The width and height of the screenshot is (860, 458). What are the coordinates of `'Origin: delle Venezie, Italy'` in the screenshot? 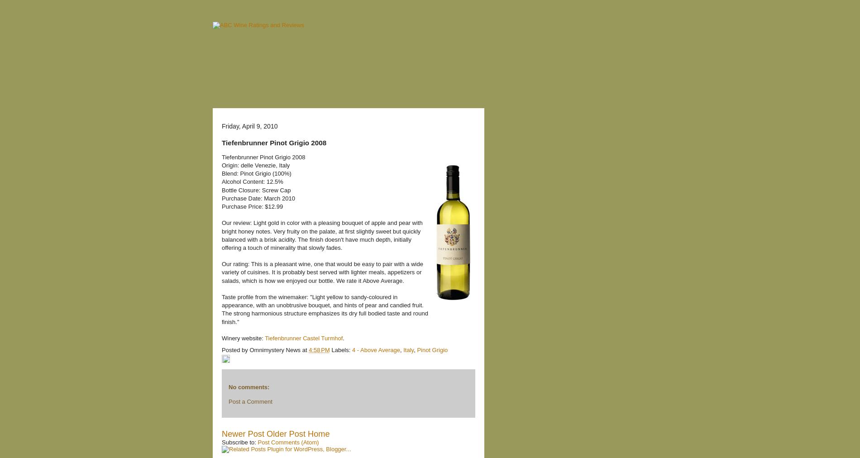 It's located at (256, 165).